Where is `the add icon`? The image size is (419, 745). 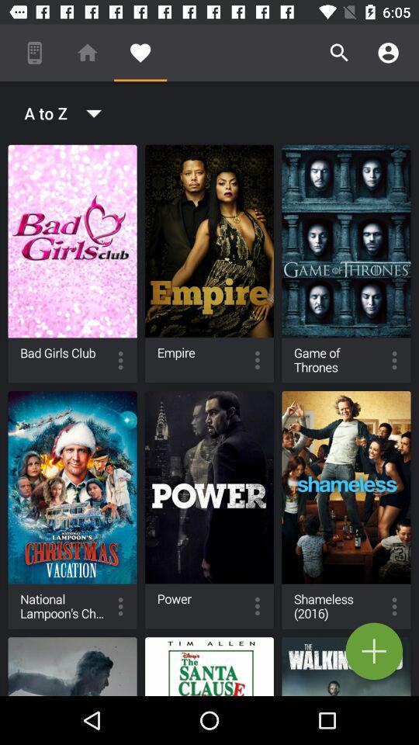 the add icon is located at coordinates (373, 651).